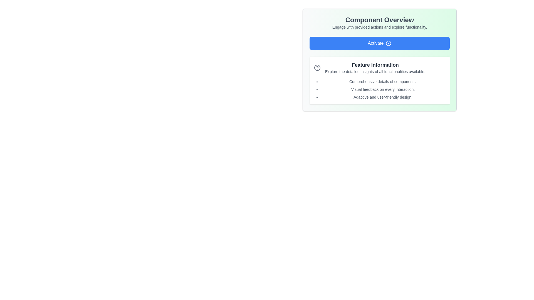 The image size is (534, 300). Describe the element at coordinates (317, 67) in the screenshot. I see `the central circular portion of the help or information icon represented as an SVG element, which visually indicates support or guidance` at that location.